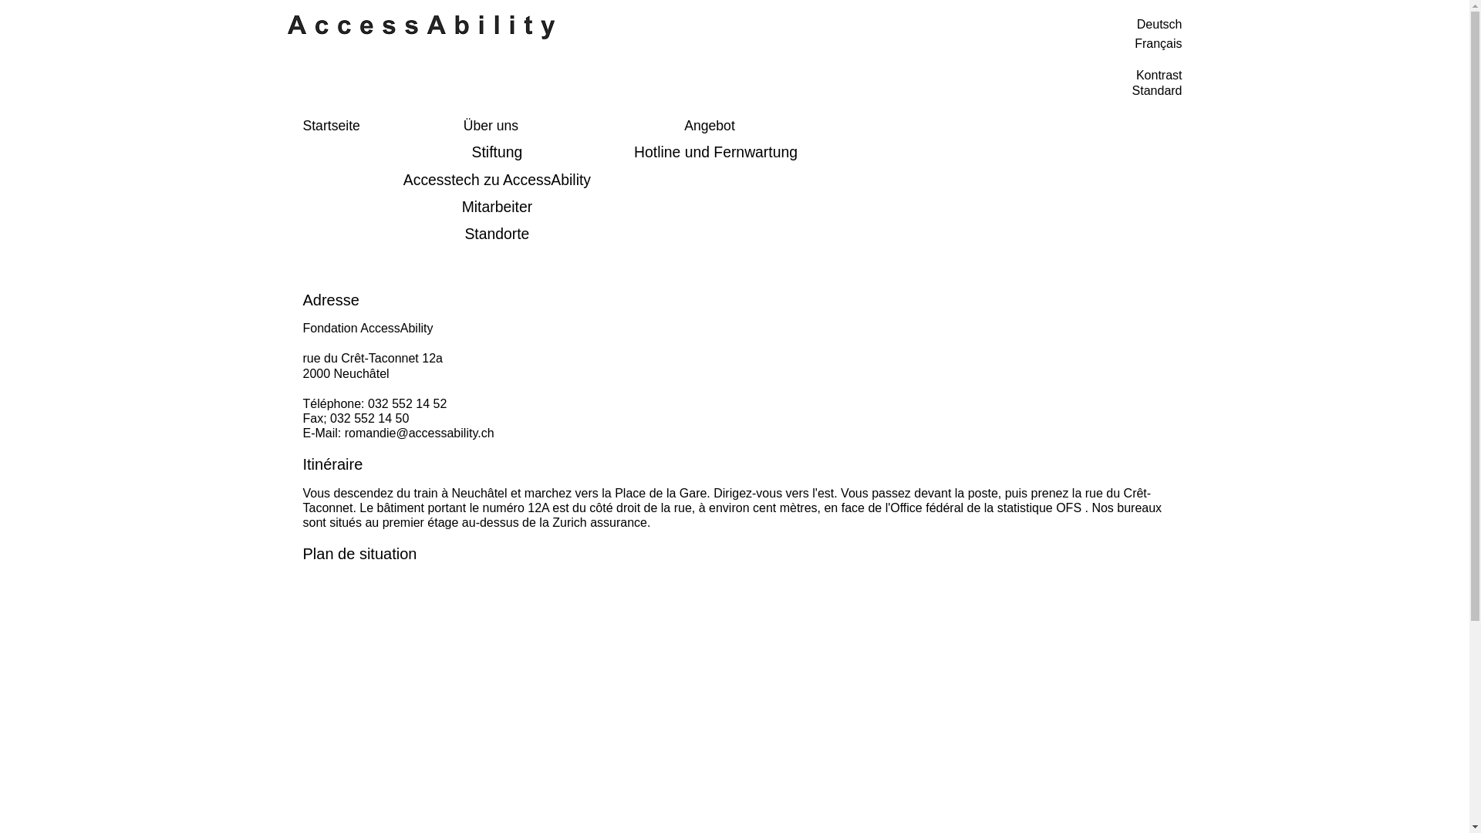 This screenshot has height=833, width=1481. I want to click on 'Hotline und Fernwartung', so click(714, 152).